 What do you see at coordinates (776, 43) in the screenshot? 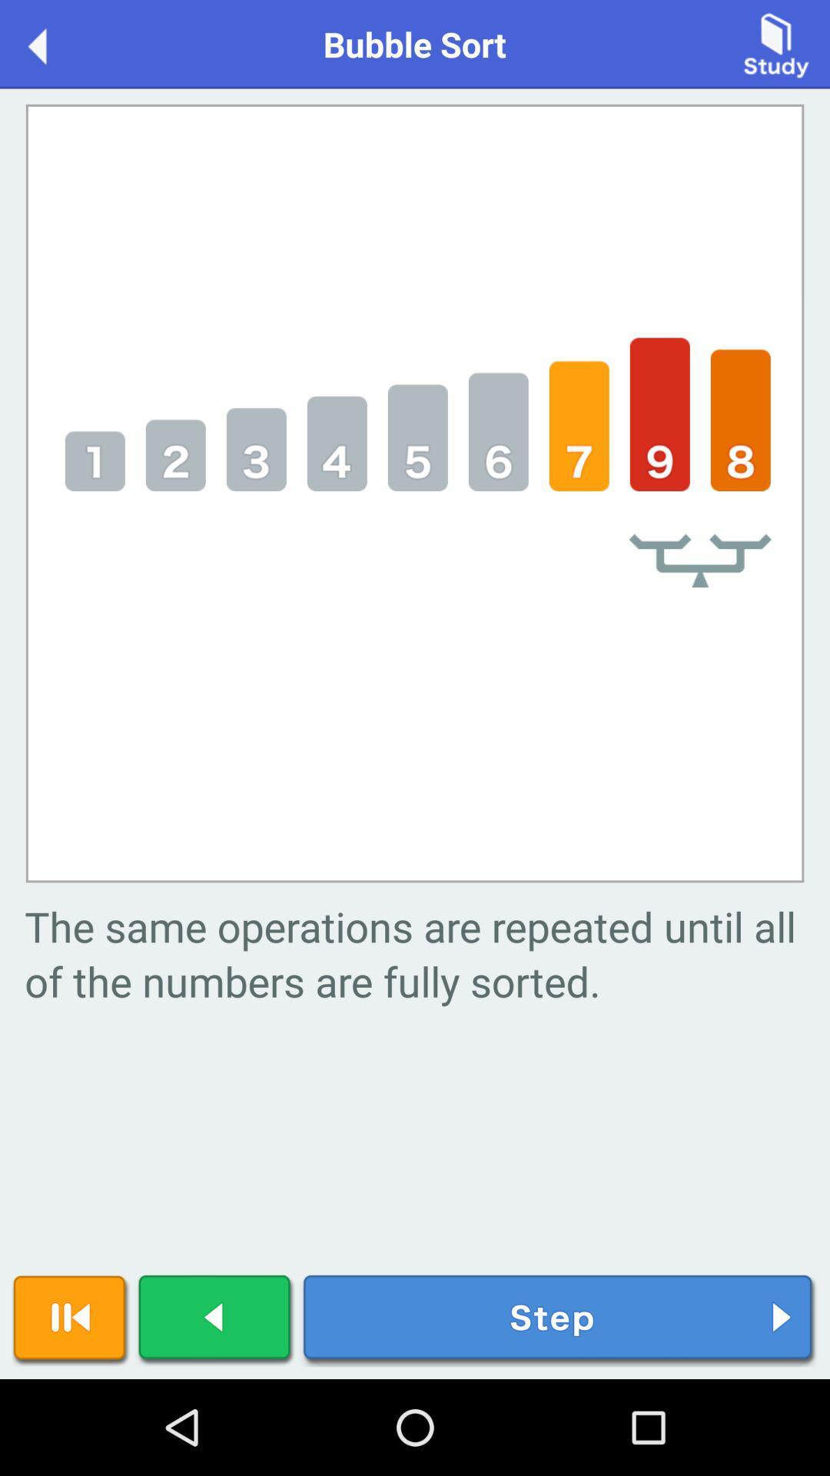
I see `study page` at bounding box center [776, 43].